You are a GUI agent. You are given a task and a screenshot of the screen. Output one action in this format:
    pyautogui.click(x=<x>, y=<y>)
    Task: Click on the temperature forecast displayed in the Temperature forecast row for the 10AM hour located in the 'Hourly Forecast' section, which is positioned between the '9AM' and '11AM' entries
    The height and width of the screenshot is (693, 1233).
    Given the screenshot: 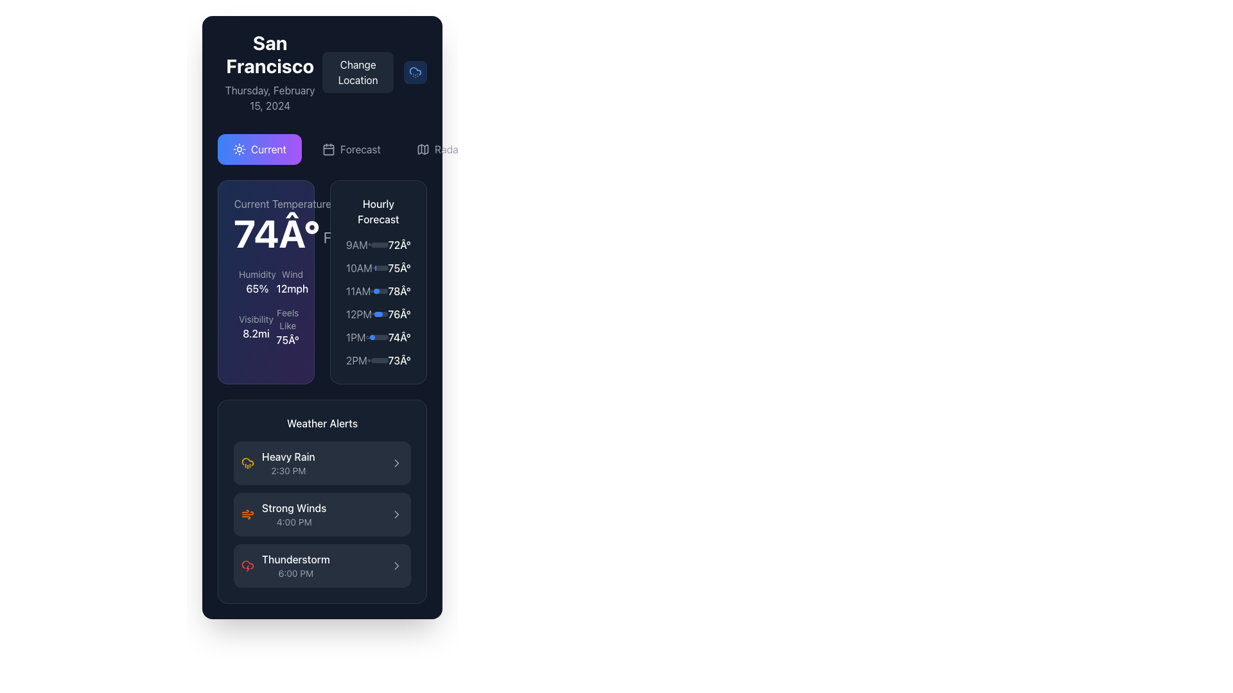 What is the action you would take?
    pyautogui.click(x=378, y=267)
    